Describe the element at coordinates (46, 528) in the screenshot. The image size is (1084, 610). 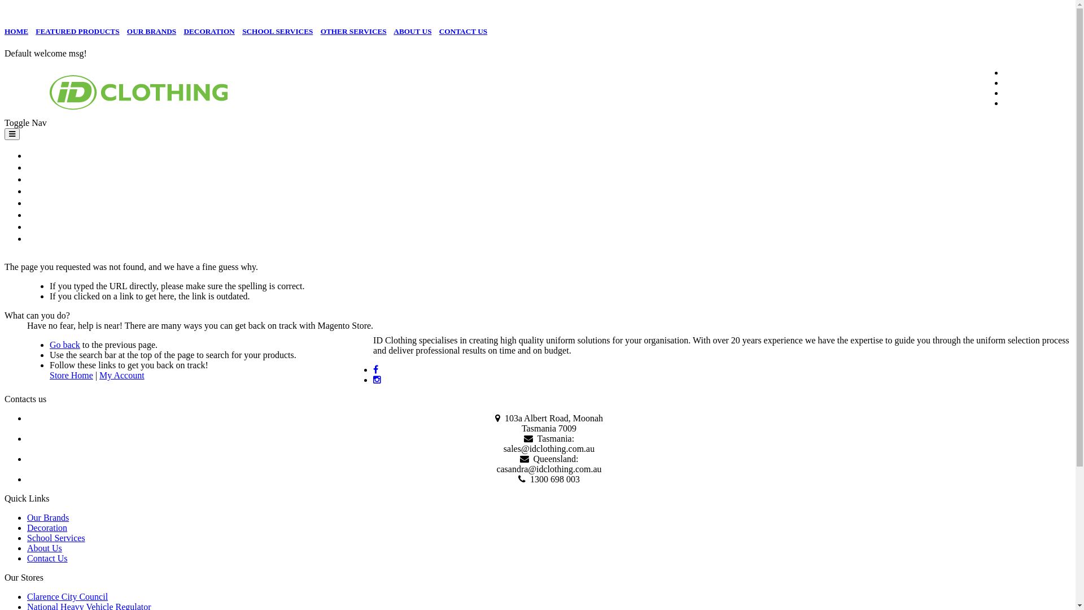
I see `'Decoration'` at that location.